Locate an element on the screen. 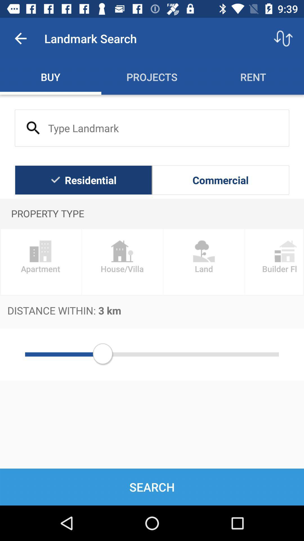 This screenshot has width=304, height=541. factory icon is located at coordinates (122, 261).